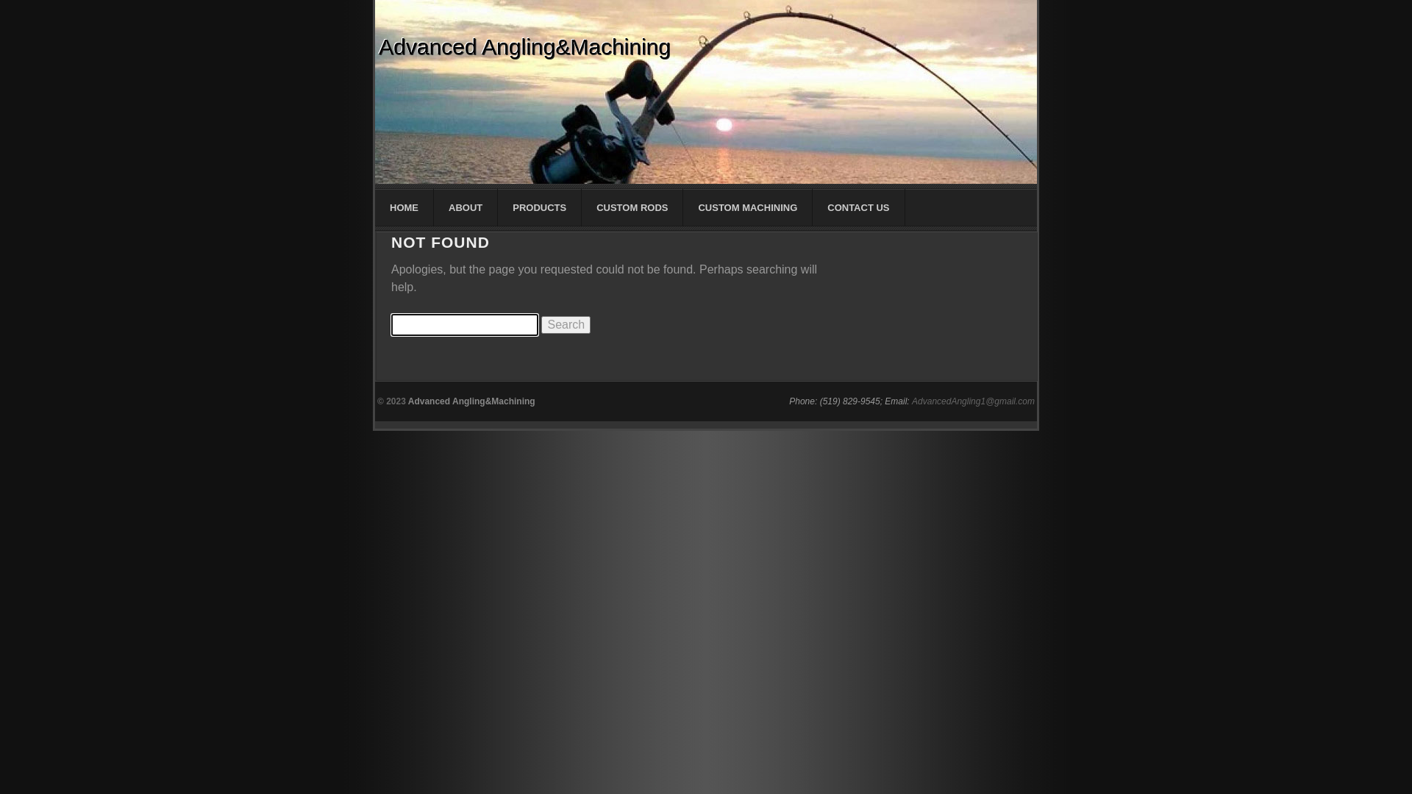  I want to click on 'PRODUCTS', so click(539, 207).